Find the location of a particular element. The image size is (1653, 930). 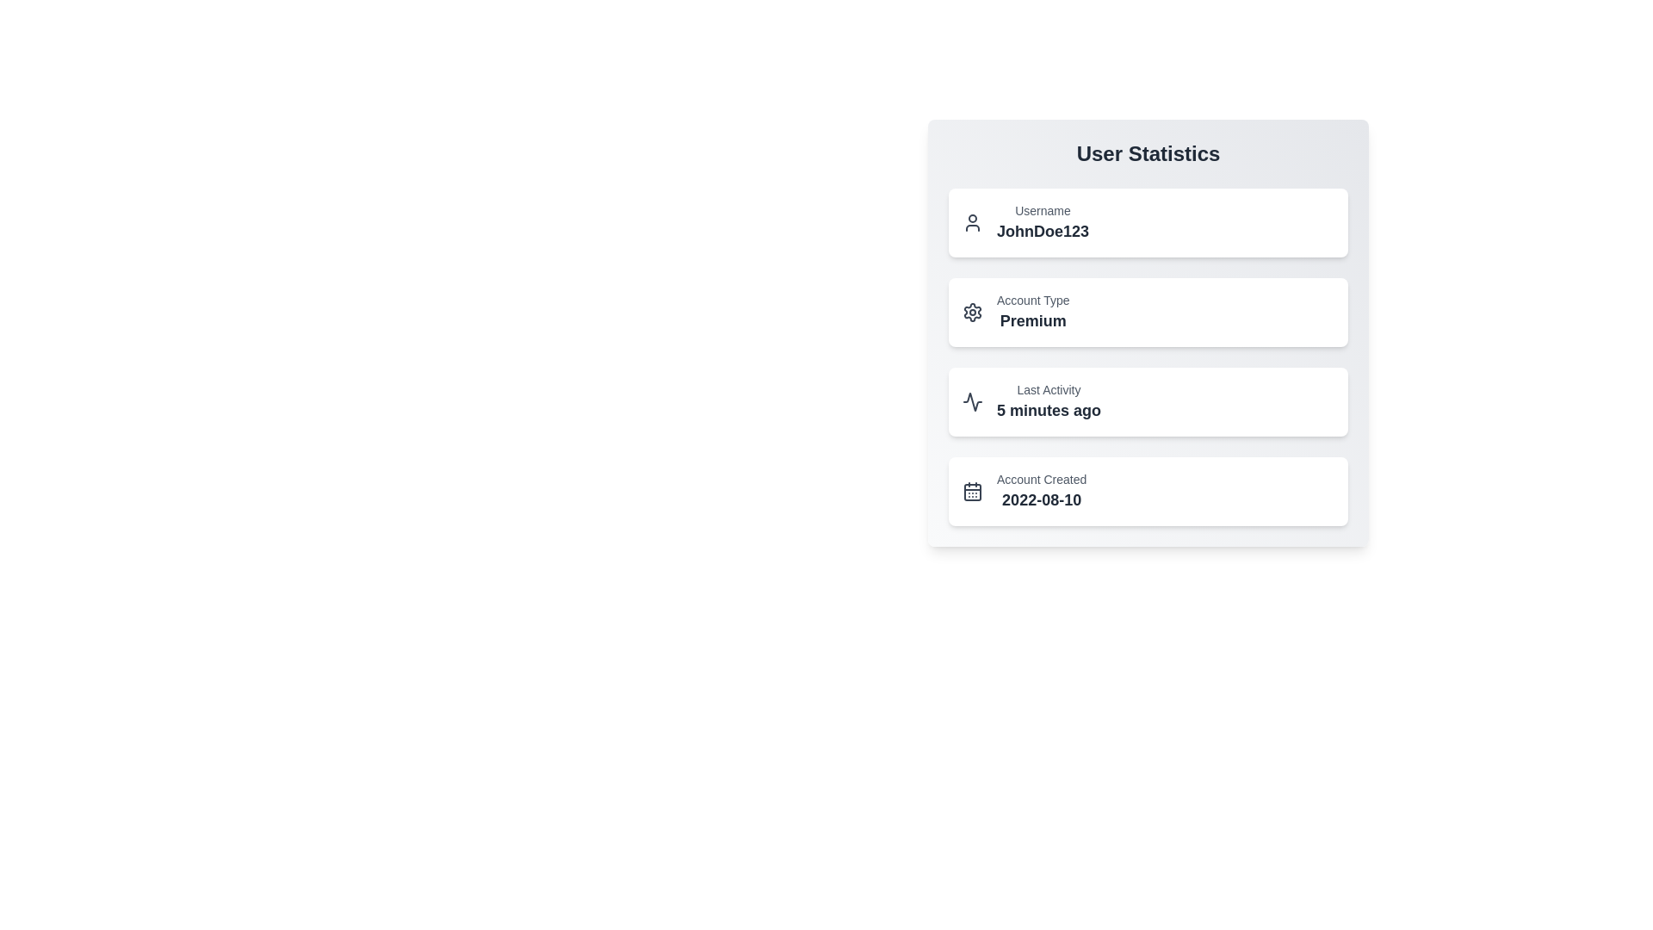

the fourth Information card that displays the account creation date located at the bottom of a vertical stack of cards, which includes 'Last Activity', 'Account Type', and 'Username' is located at coordinates (1148, 491).